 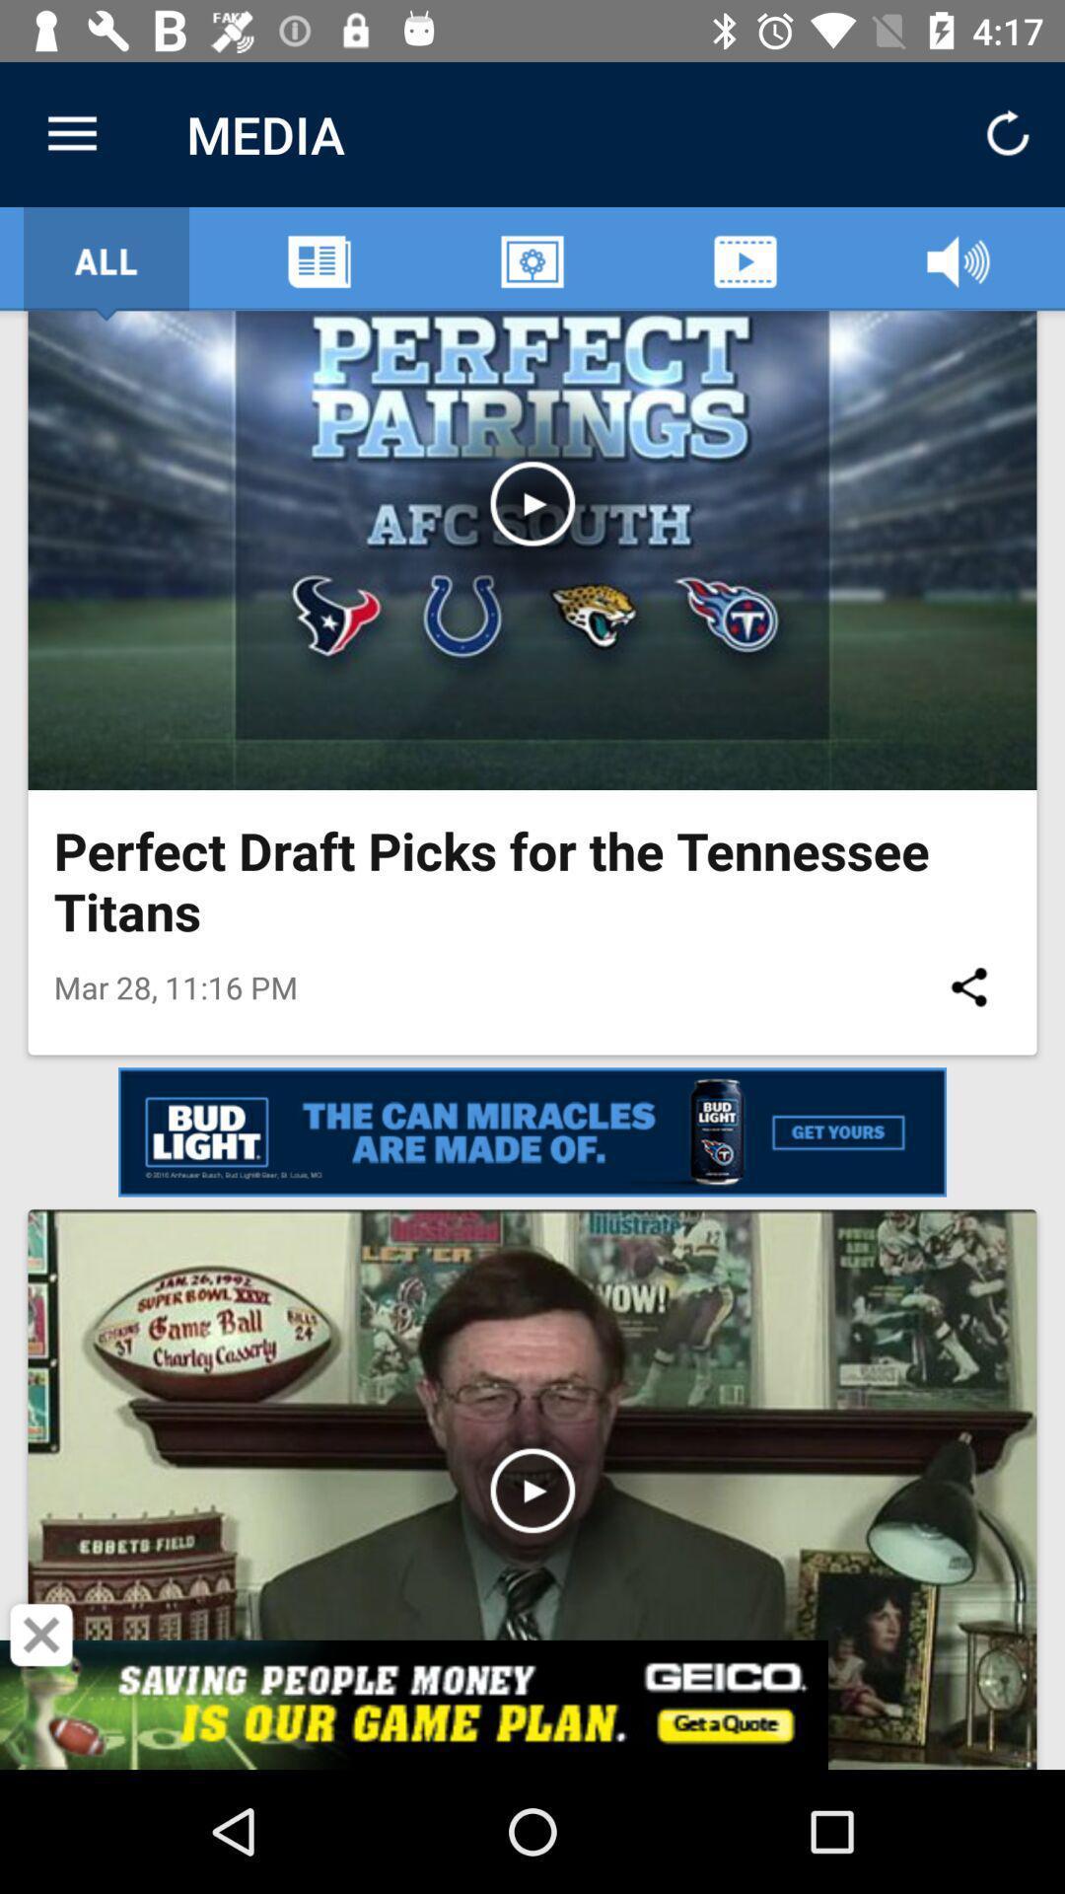 I want to click on the item to the left of the media icon, so click(x=71, y=133).